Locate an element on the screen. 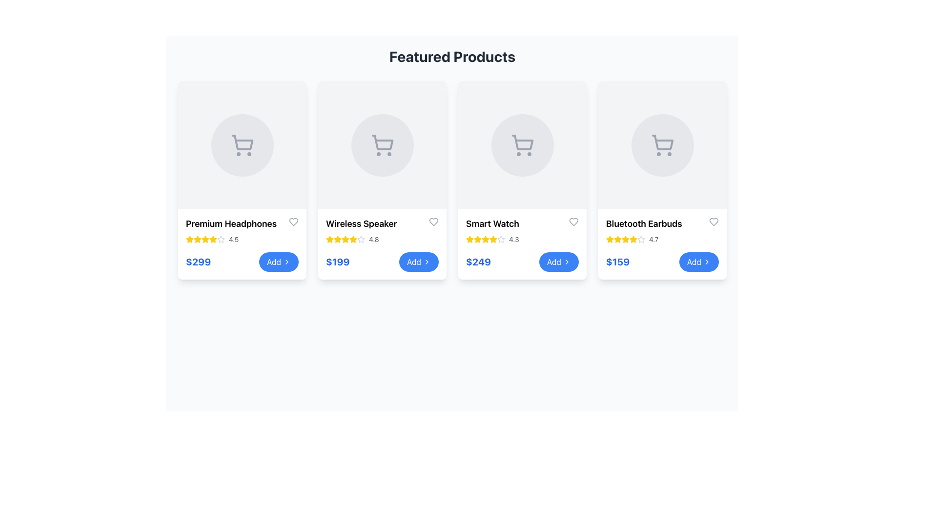  the numerical rating label for the 'Smart Watch' product in the third position of the 'Featured Products' row, located to the right of the stars is located at coordinates (513, 239).